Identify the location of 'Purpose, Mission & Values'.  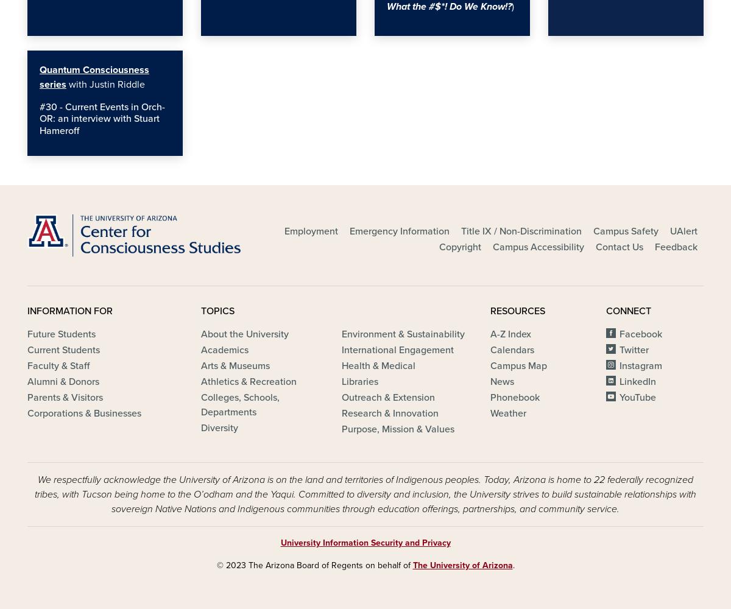
(397, 429).